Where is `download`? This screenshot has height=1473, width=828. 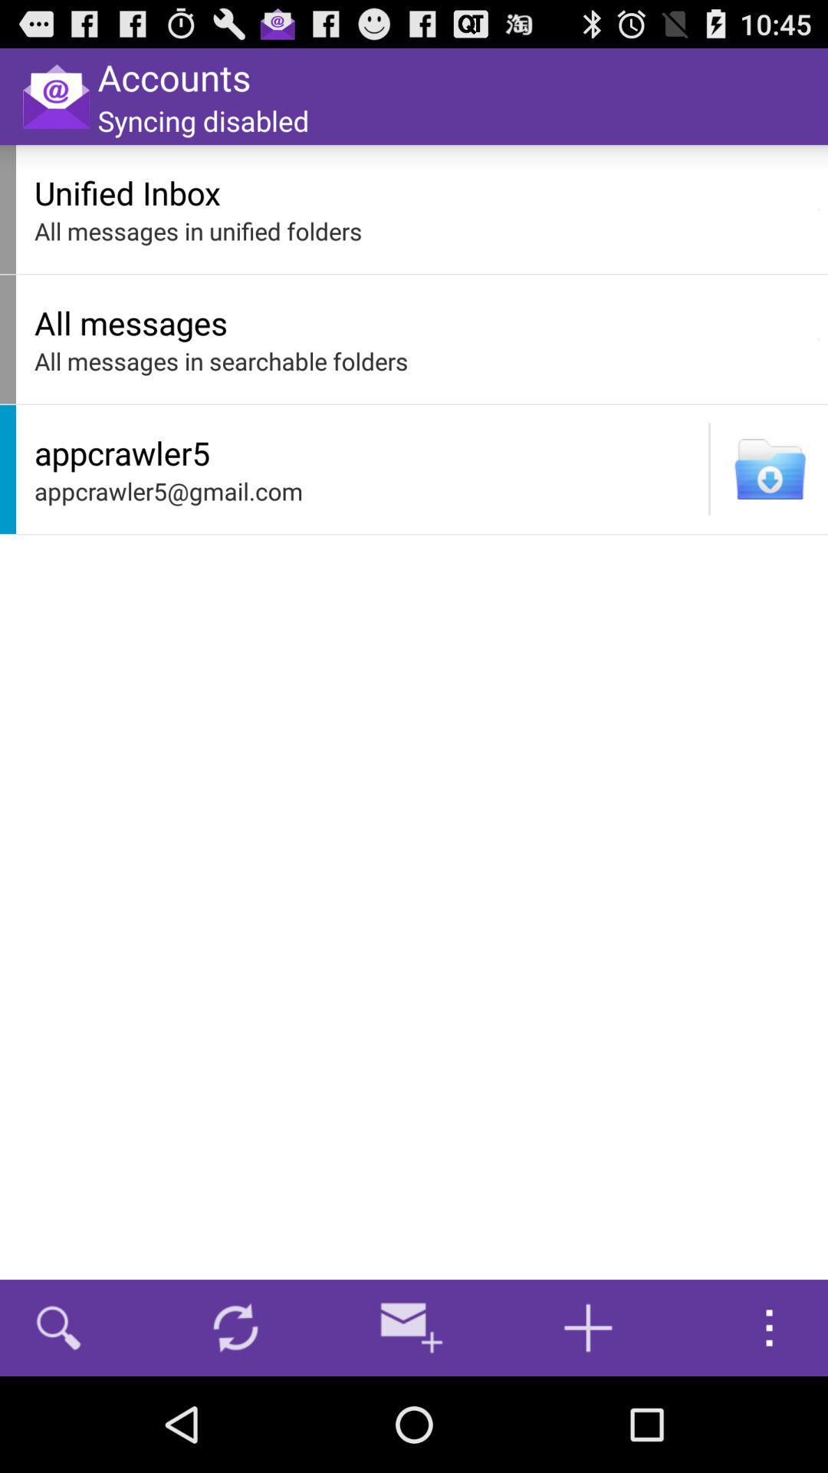 download is located at coordinates (770, 468).